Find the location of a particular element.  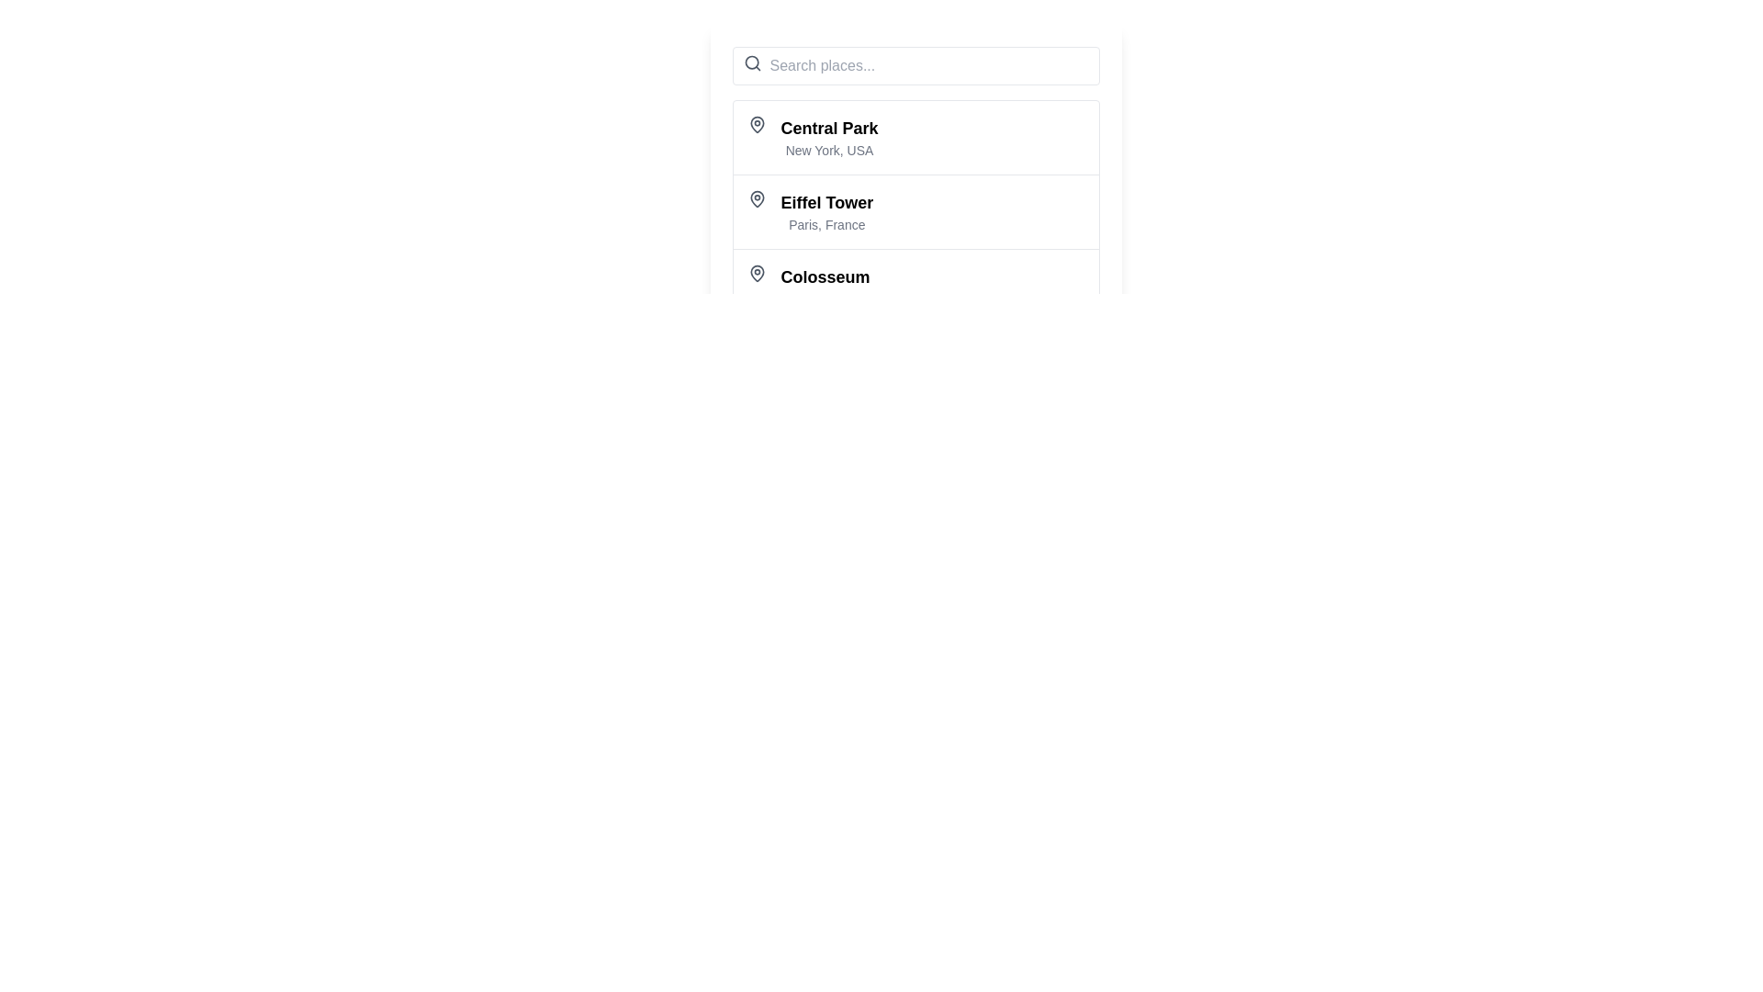

the third item in the vertical list of destination names in the text display area is located at coordinates (824, 287).